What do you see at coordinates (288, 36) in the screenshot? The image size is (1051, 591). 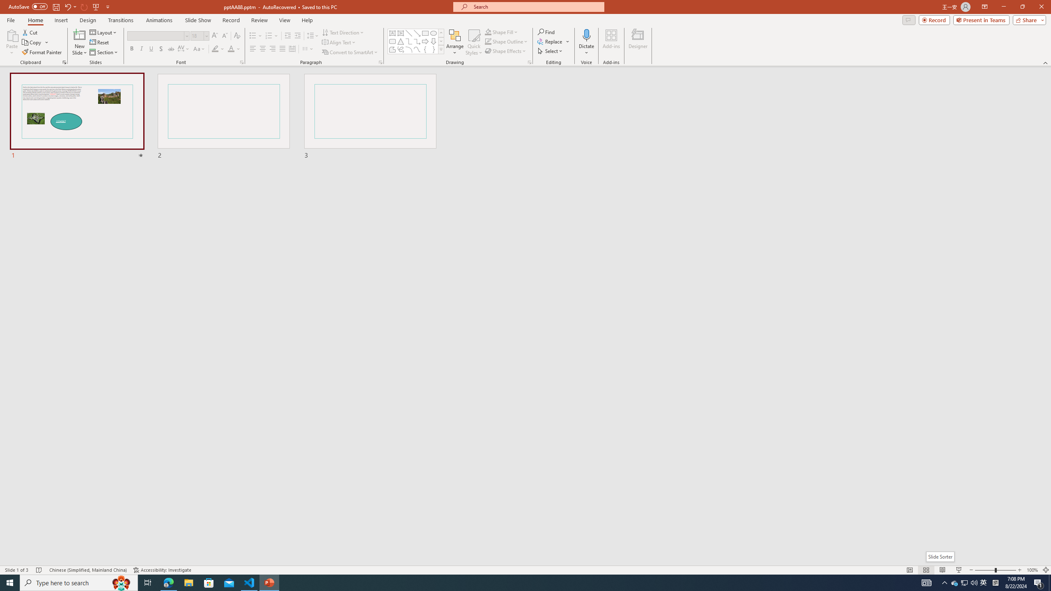 I see `'Decrease Indent'` at bounding box center [288, 36].